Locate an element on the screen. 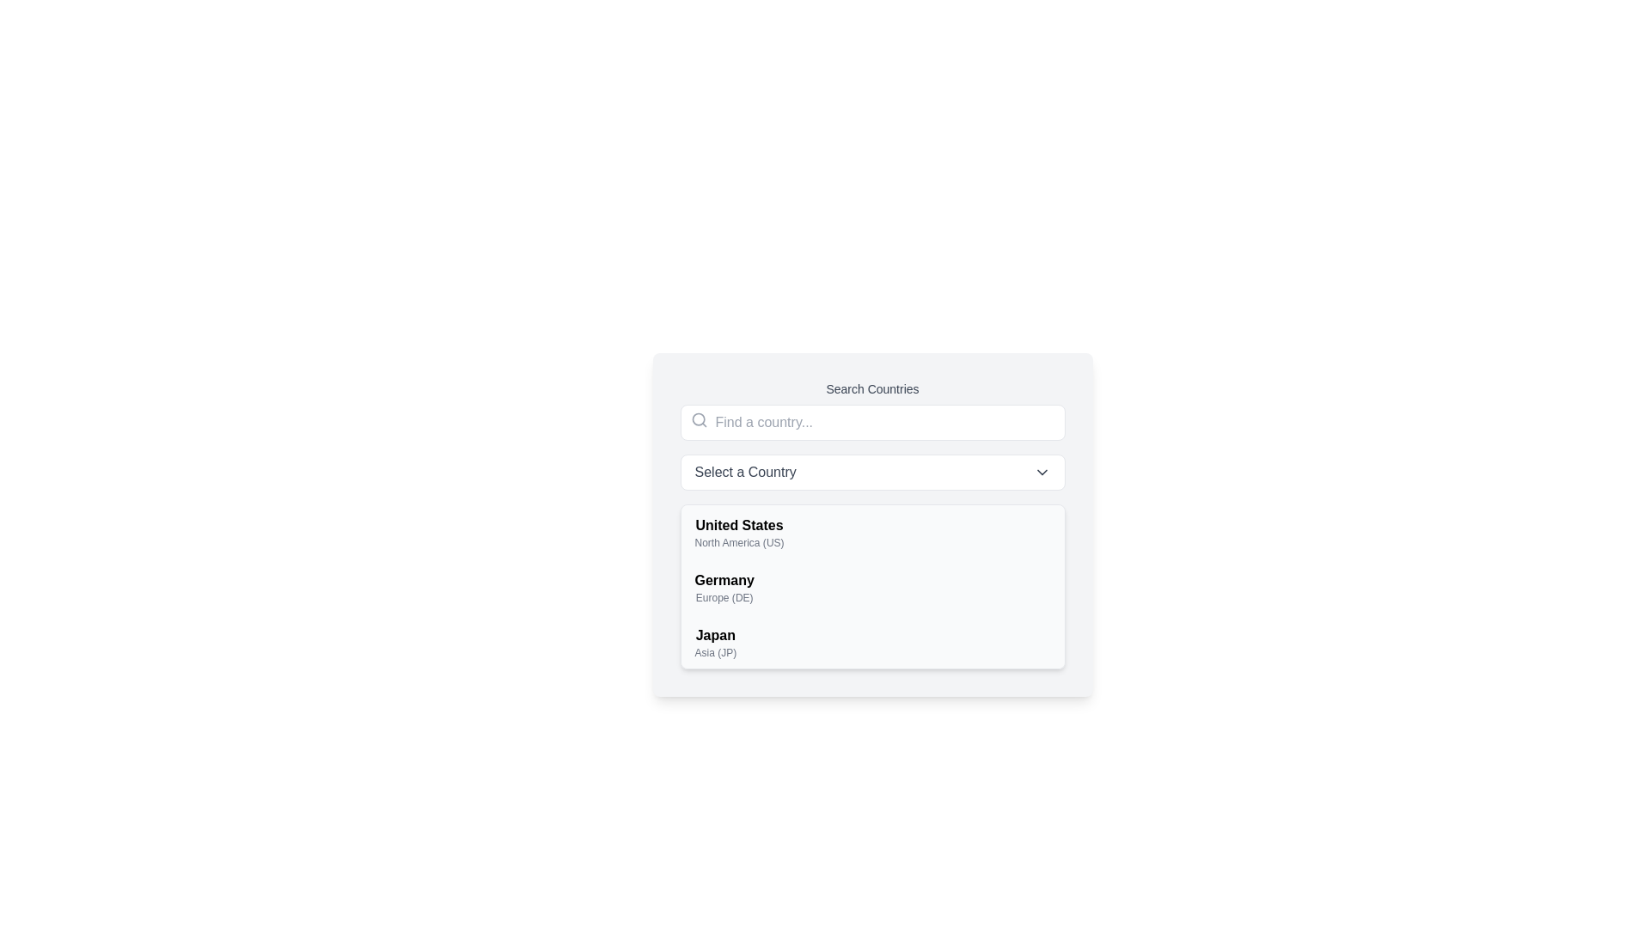 The height and width of the screenshot is (928, 1650). the text element displaying 'Japan' in bold, located is located at coordinates (715, 643).